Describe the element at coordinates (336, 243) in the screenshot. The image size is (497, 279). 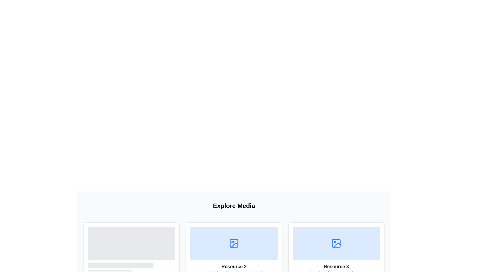
I see `the icon centered within the blue card labeled 'Resource 3'` at that location.